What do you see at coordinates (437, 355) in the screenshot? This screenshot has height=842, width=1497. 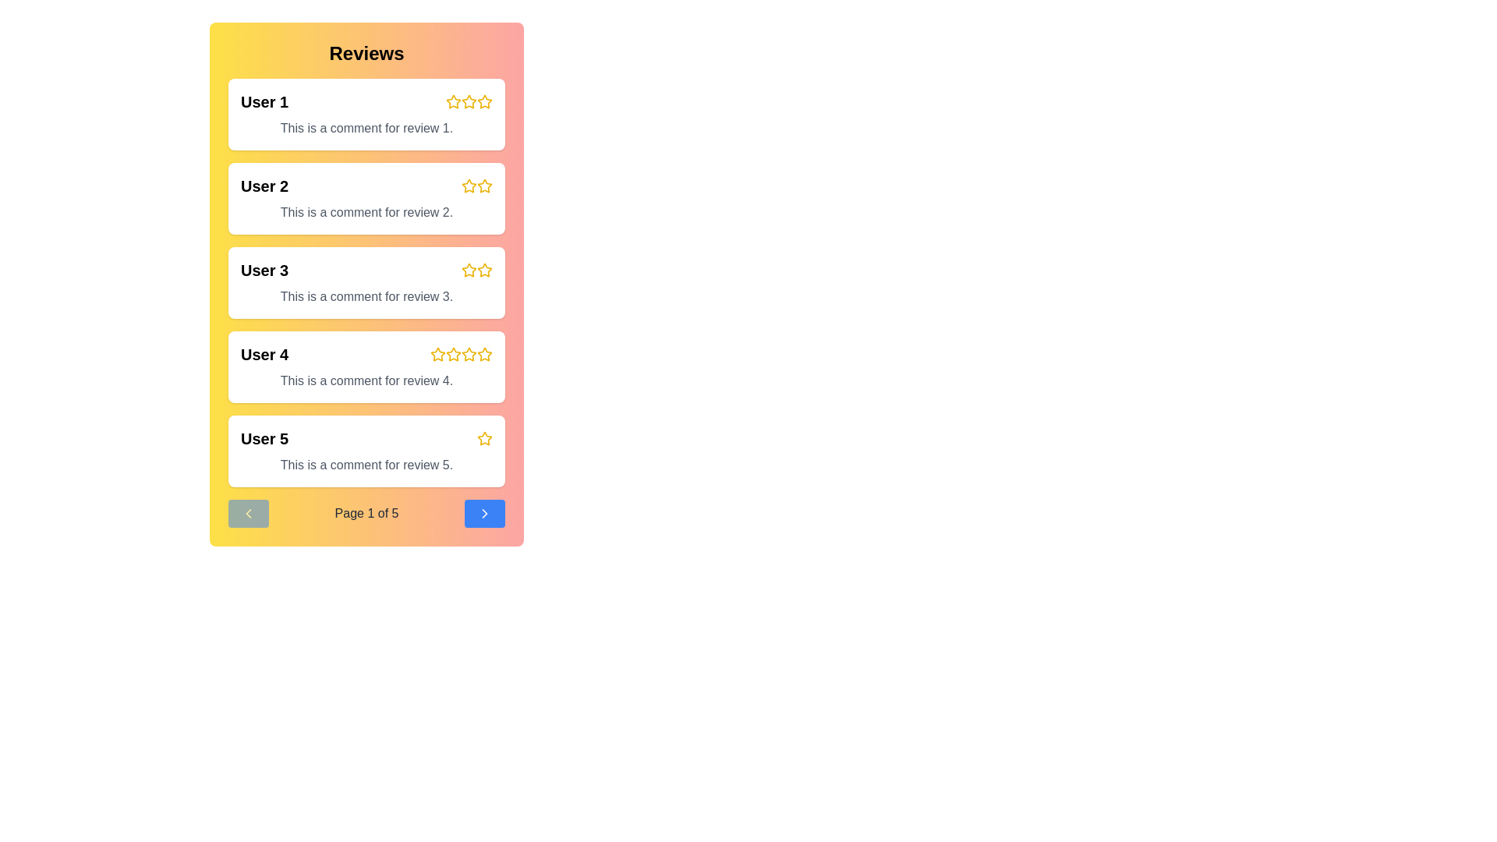 I see `the first five-pointed star rating icon outlined in yellow for 'User 4'` at bounding box center [437, 355].